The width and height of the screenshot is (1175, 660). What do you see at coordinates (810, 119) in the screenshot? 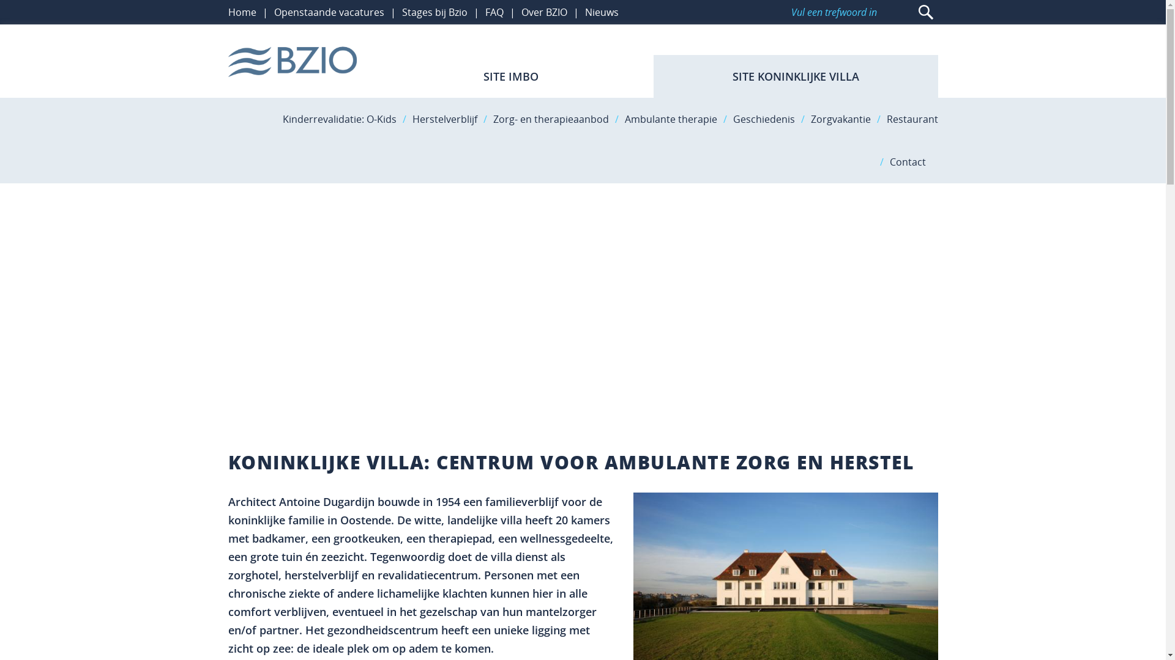
I see `'Zorgvakantie'` at bounding box center [810, 119].